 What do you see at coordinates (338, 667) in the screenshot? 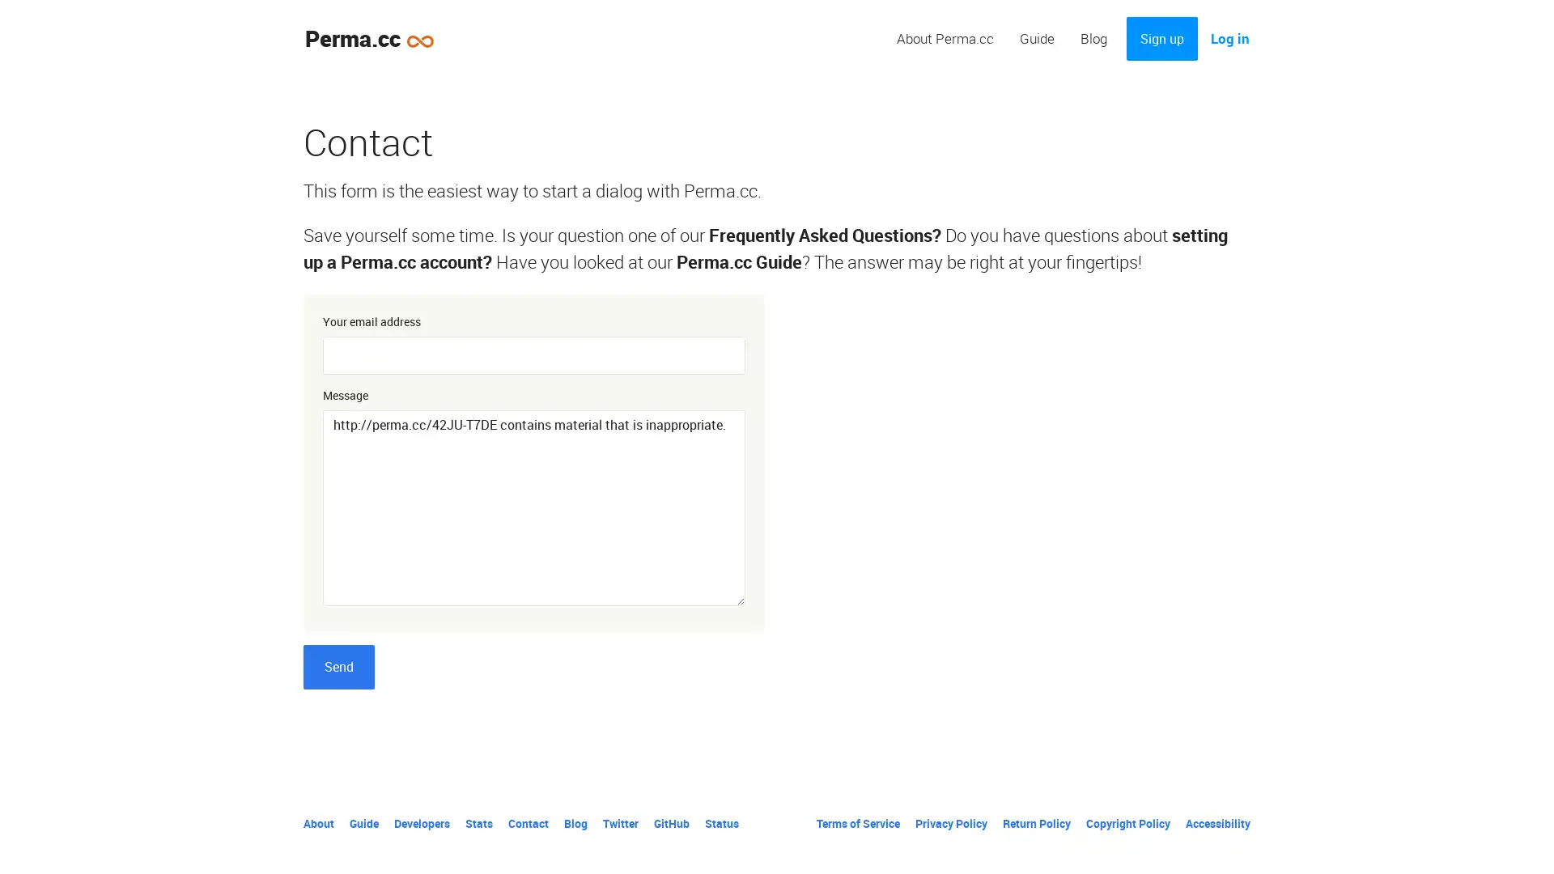
I see `Send` at bounding box center [338, 667].